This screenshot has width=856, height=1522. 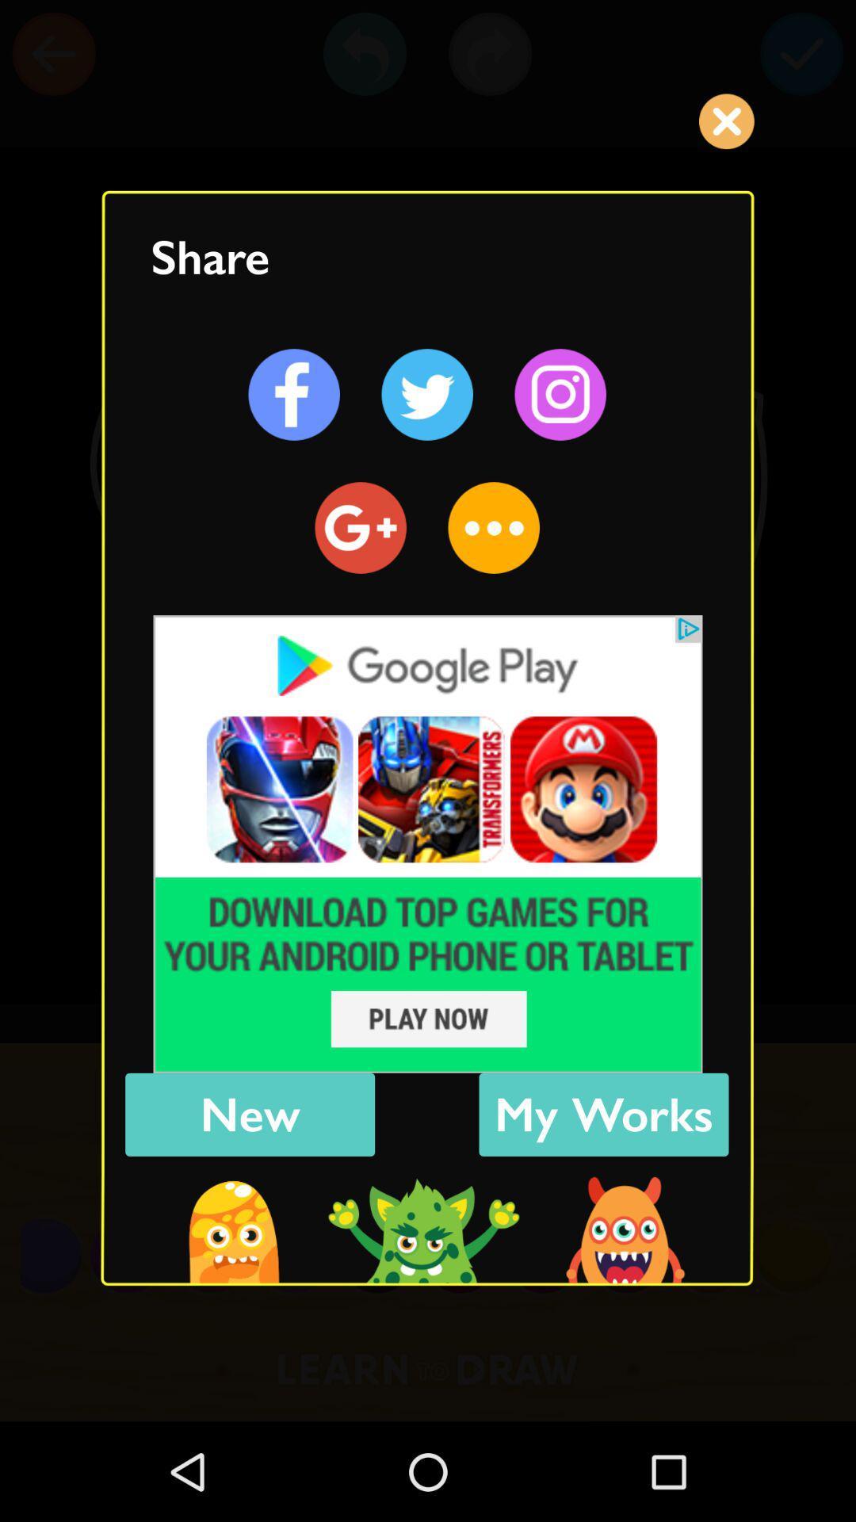 What do you see at coordinates (426, 395) in the screenshot?
I see `the twitter icon` at bounding box center [426, 395].